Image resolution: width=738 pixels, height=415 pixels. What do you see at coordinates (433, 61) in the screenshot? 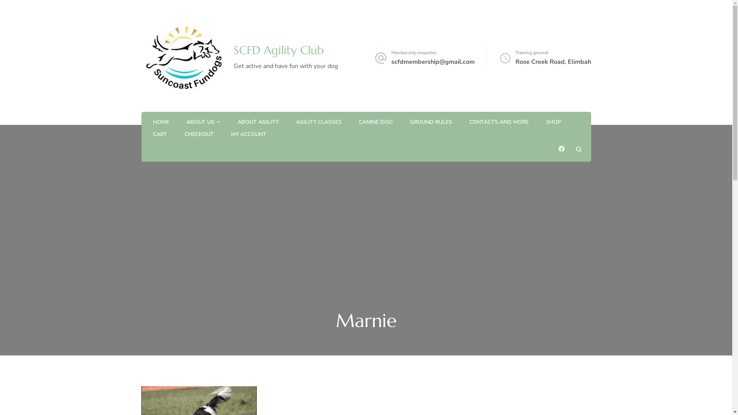
I see `'scfdmembership@gmail.com'` at bounding box center [433, 61].